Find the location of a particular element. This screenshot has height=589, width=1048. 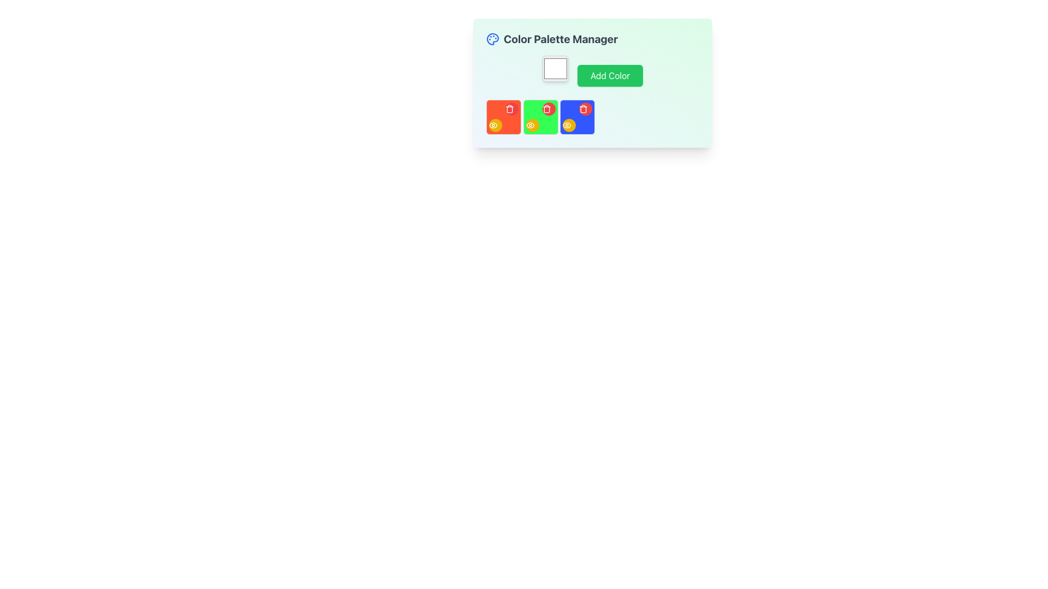

the delete action button, which is a red circular icon button located in the upper-right corner of the color card is located at coordinates (509, 109).